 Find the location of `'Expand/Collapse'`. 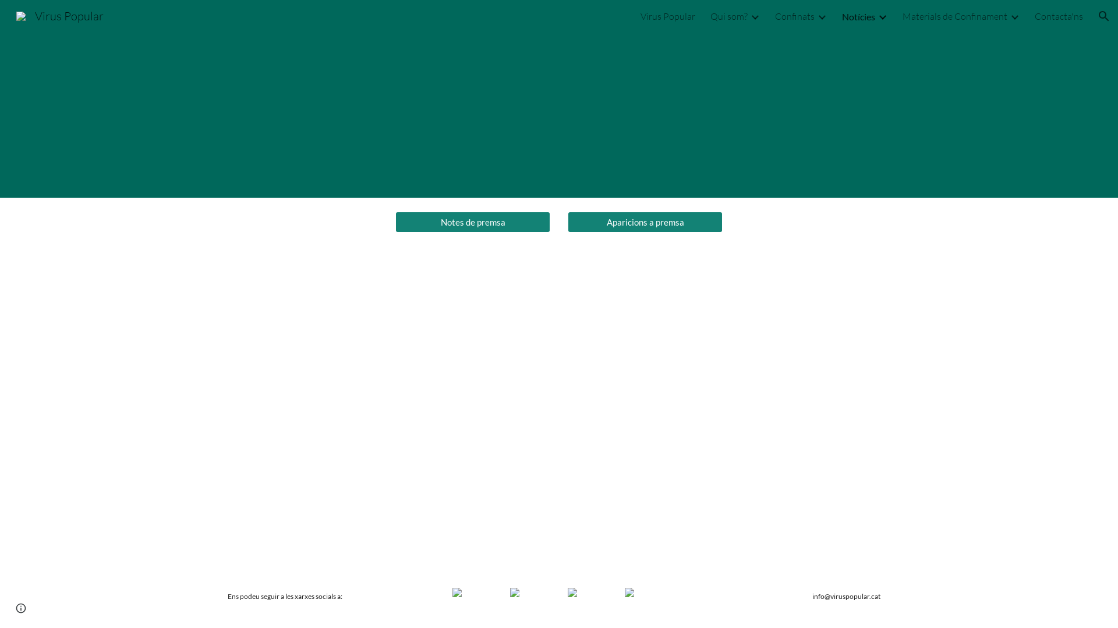

'Expand/Collapse' is located at coordinates (882, 16).